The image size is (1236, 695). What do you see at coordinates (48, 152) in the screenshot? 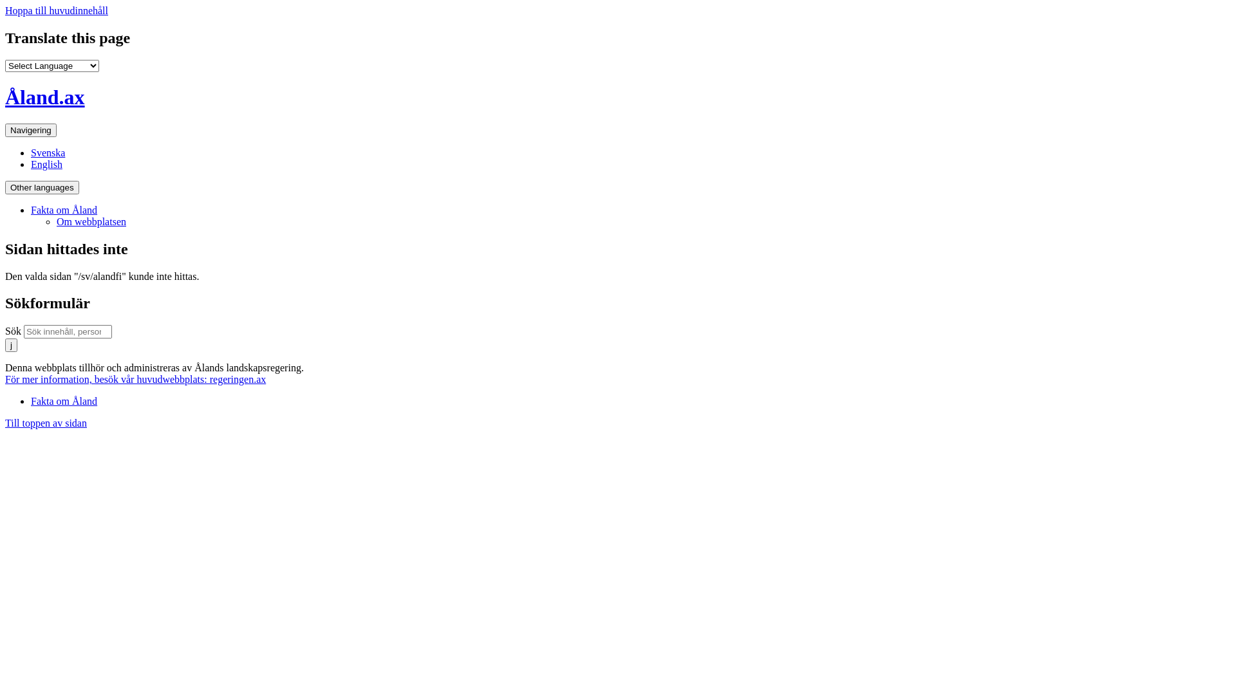
I see `'Svenska'` at bounding box center [48, 152].